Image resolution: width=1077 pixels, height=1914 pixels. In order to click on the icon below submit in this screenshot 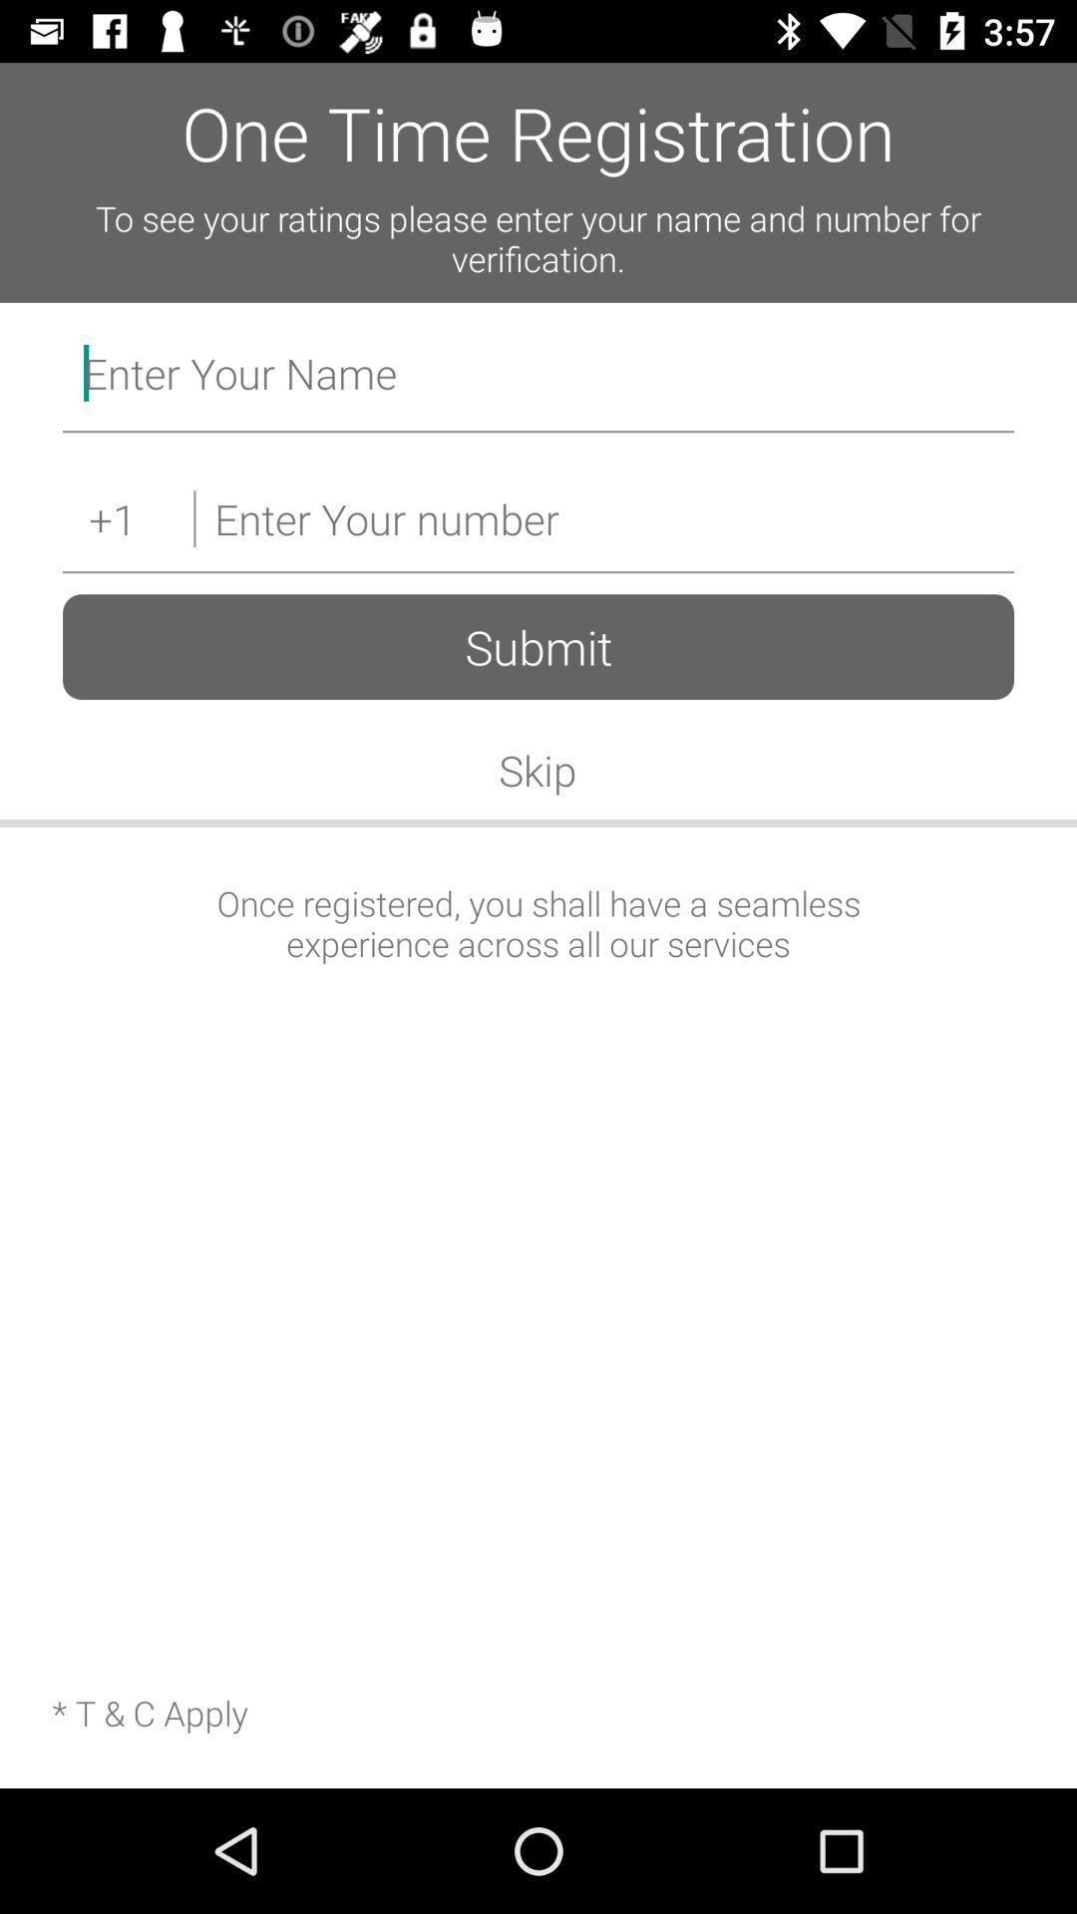, I will do `click(537, 769)`.